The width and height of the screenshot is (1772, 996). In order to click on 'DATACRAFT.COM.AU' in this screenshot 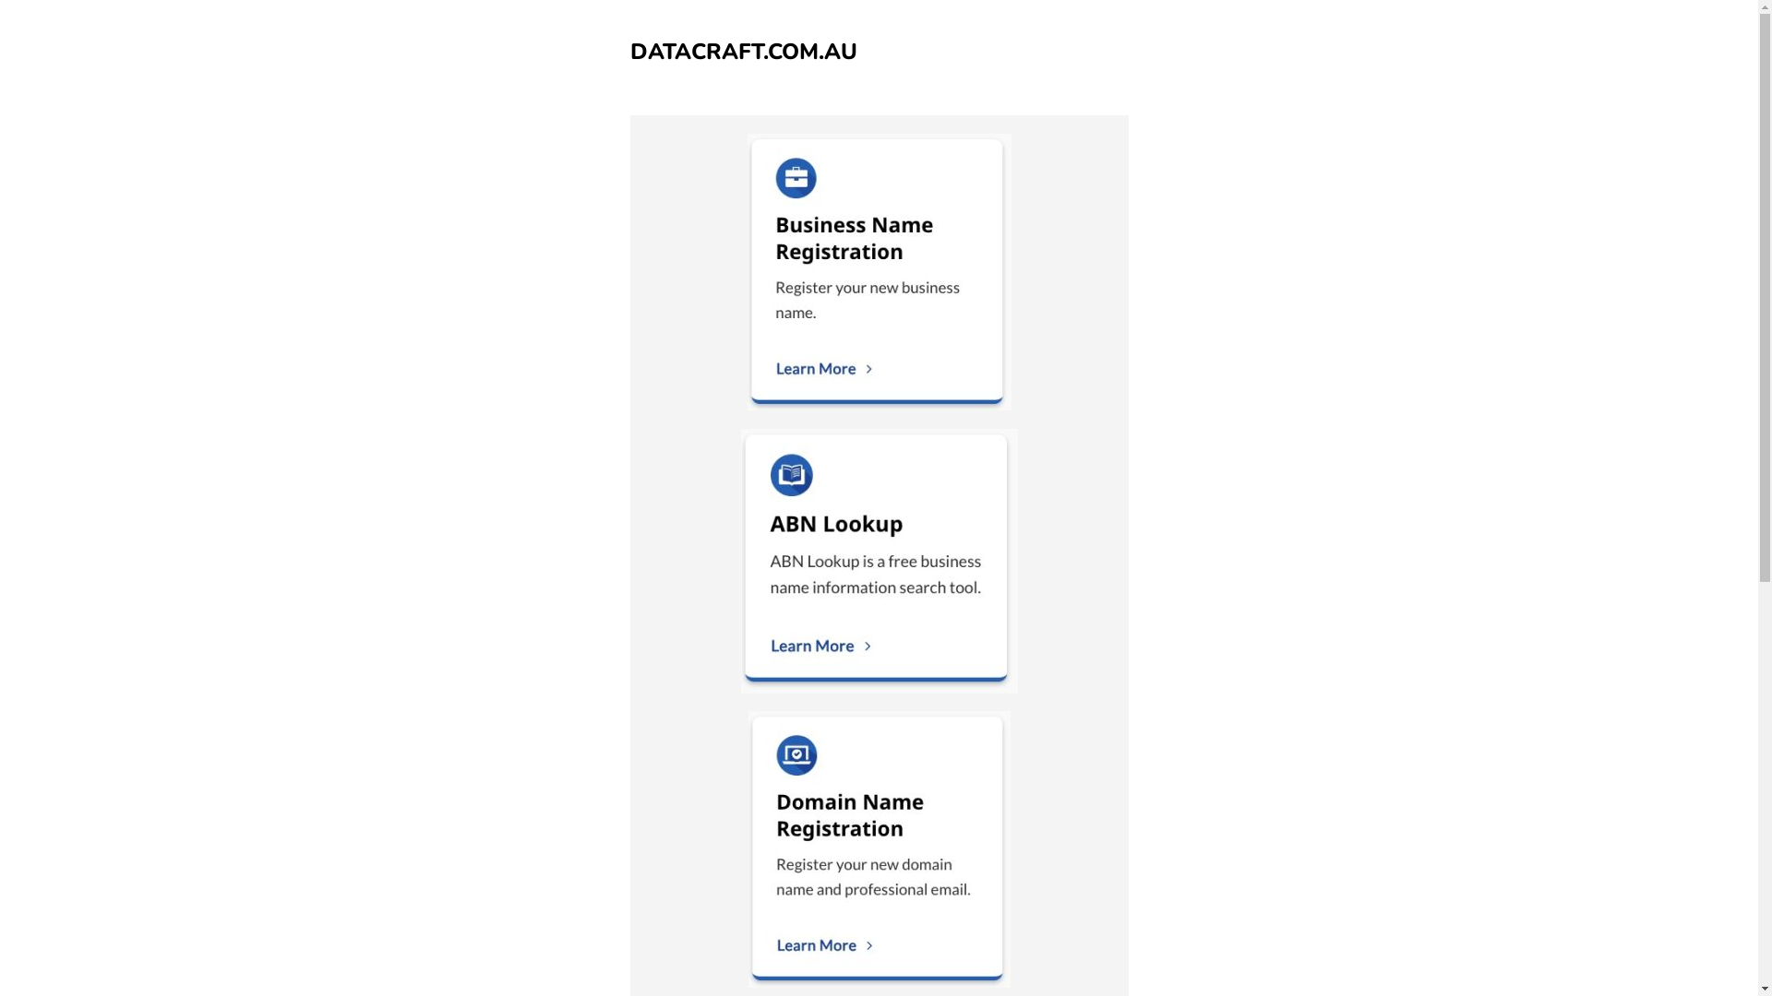, I will do `click(743, 51)`.